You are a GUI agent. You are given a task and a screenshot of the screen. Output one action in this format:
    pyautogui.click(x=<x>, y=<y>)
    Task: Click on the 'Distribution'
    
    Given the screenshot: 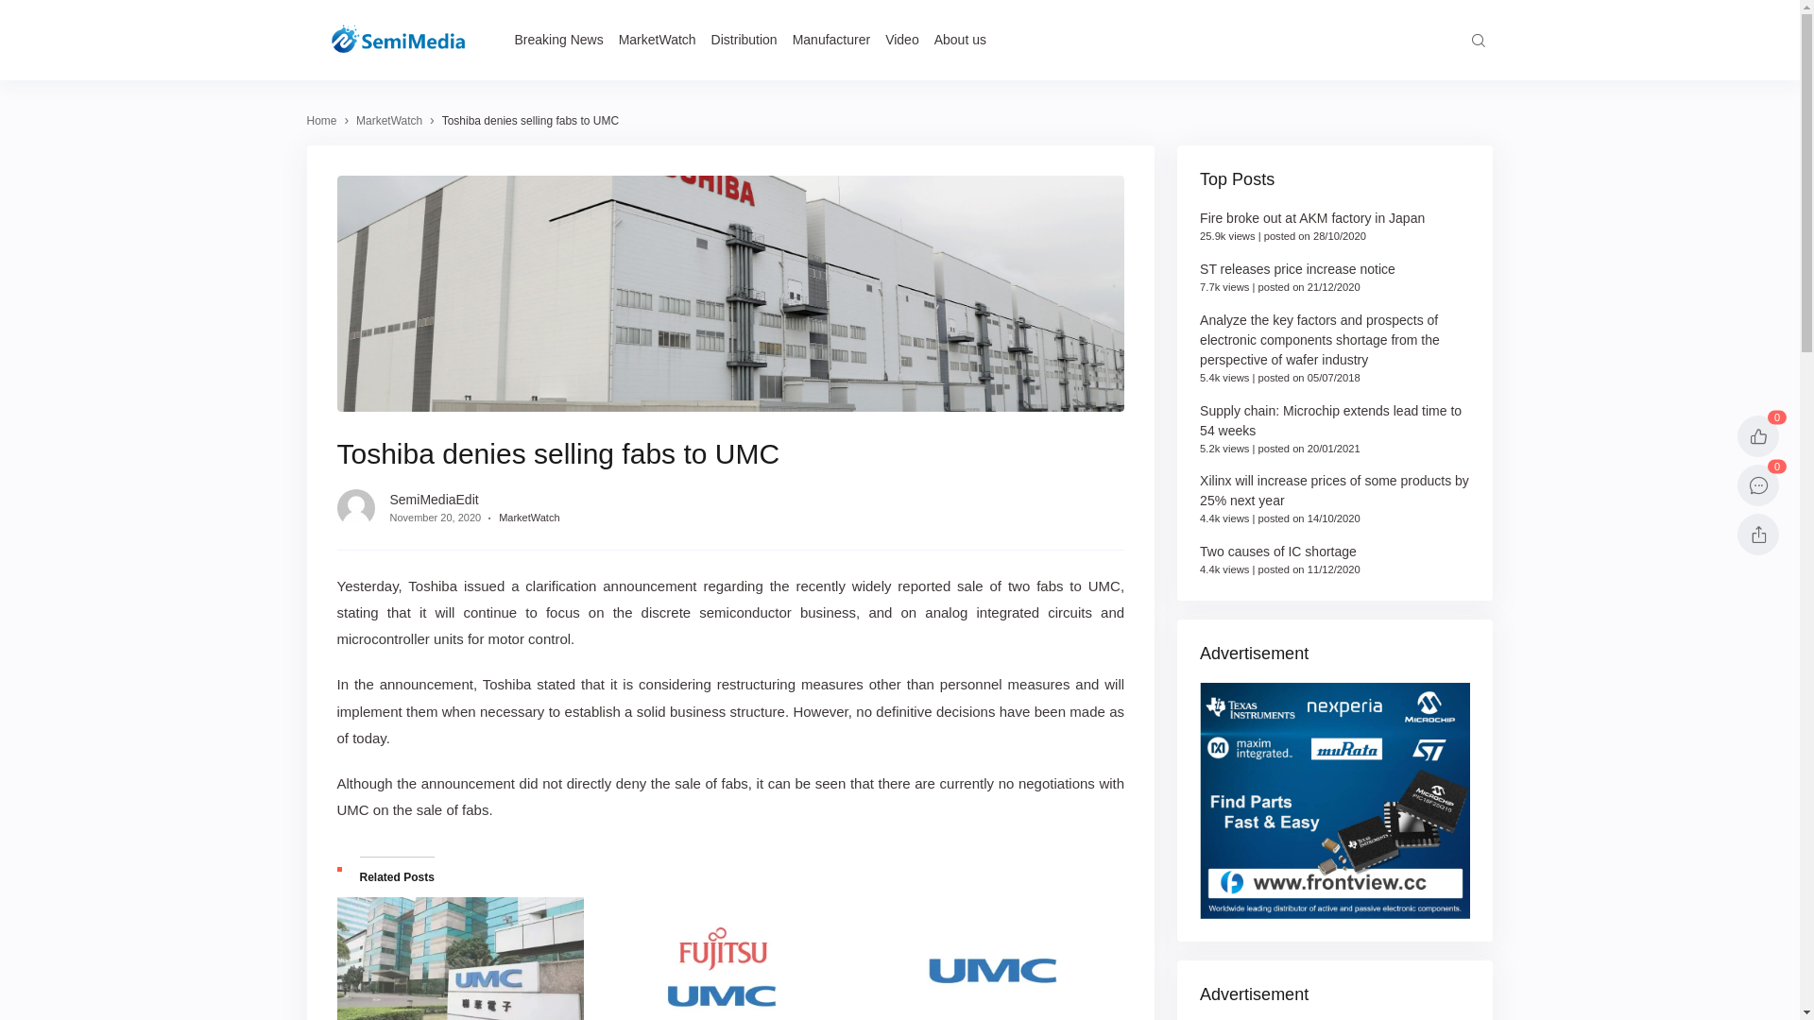 What is the action you would take?
    pyautogui.click(x=743, y=40)
    